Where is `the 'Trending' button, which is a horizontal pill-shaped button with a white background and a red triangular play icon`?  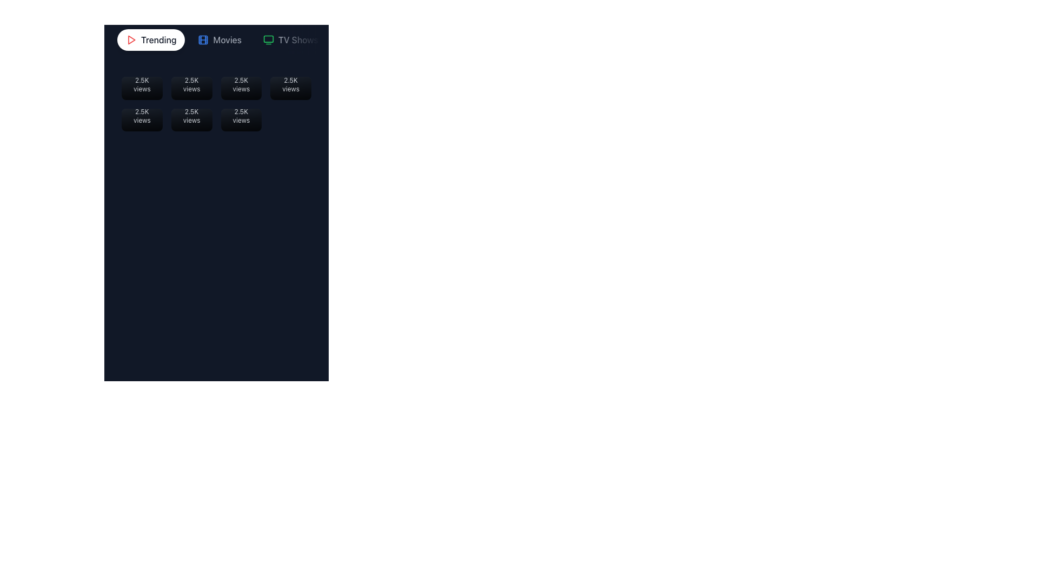
the 'Trending' button, which is a horizontal pill-shaped button with a white background and a red triangular play icon is located at coordinates (150, 39).